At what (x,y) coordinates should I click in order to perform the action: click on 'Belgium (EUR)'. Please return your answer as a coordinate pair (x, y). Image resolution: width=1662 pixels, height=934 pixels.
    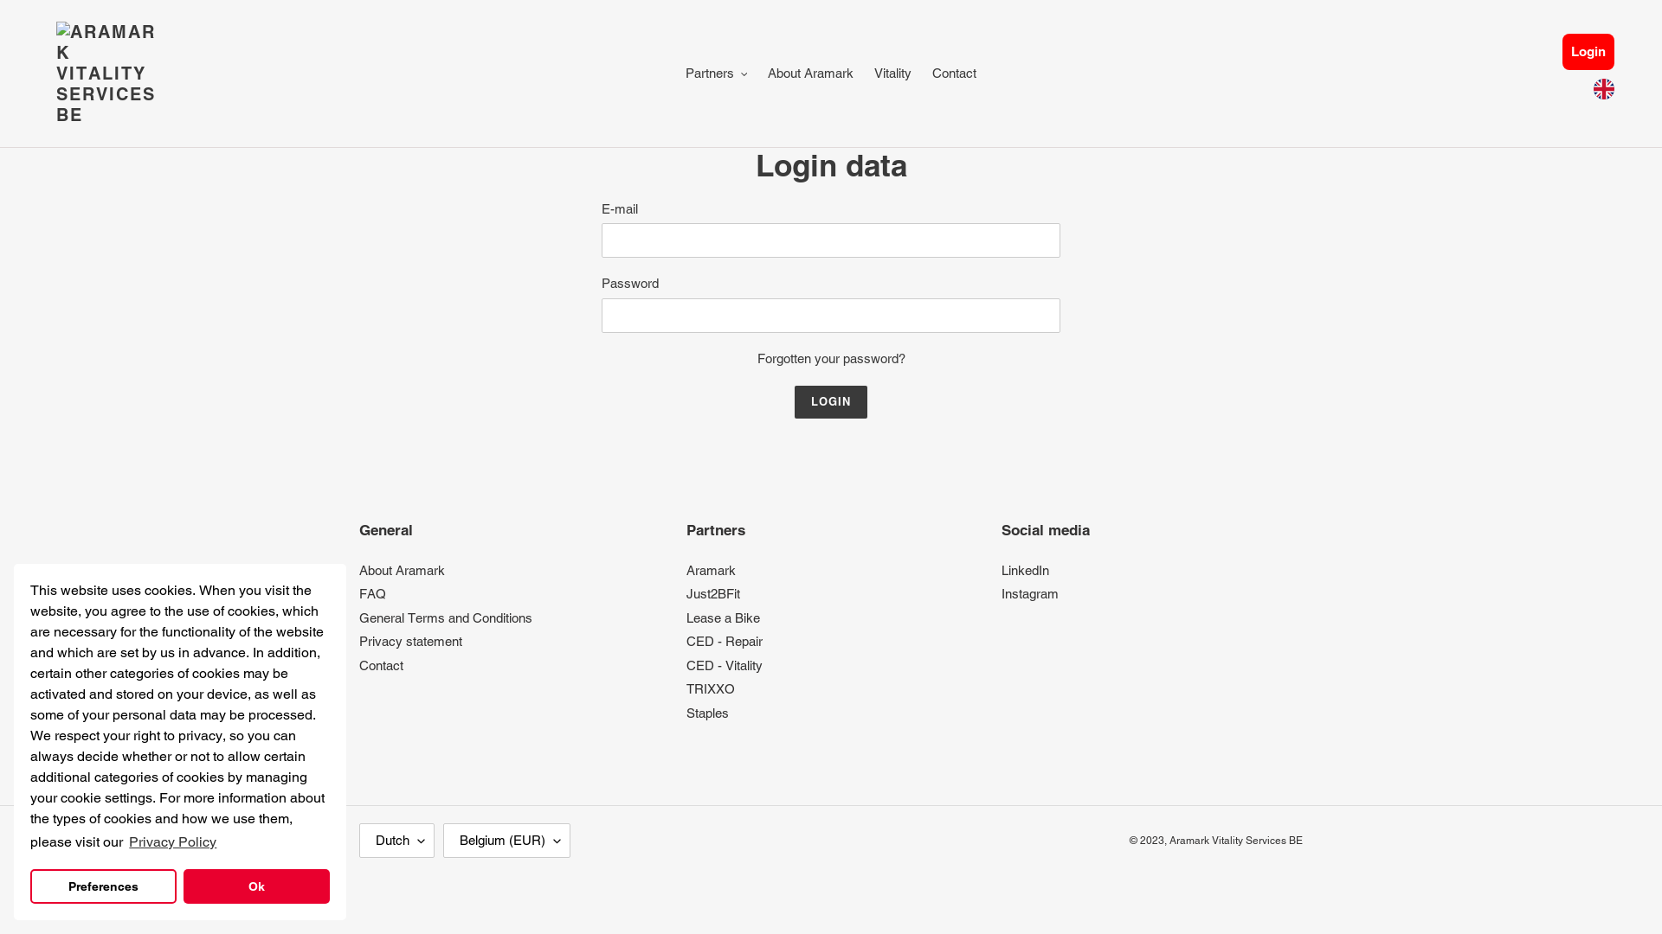
    Looking at the image, I should click on (506, 840).